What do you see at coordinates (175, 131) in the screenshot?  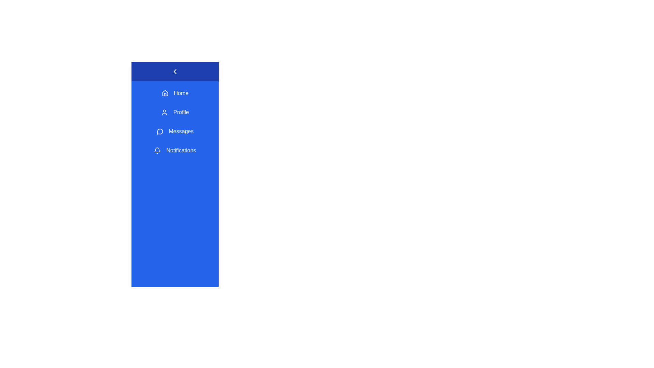 I see `the menu item Messages from the sidebar navigation` at bounding box center [175, 131].